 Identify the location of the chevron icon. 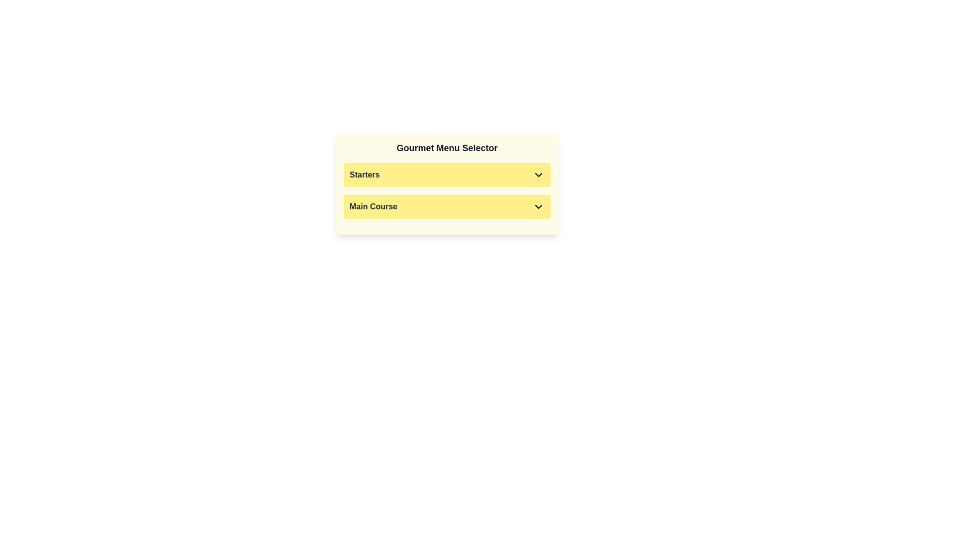
(446, 184).